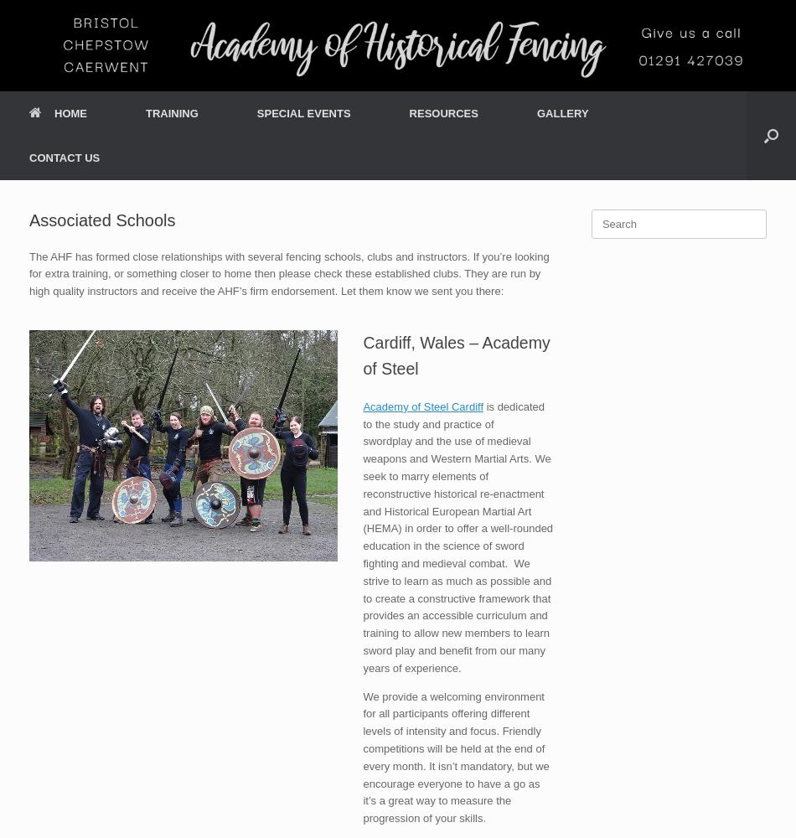 The image size is (796, 838). What do you see at coordinates (179, 344) in the screenshot?
I see `'GENERAL RULES'` at bounding box center [179, 344].